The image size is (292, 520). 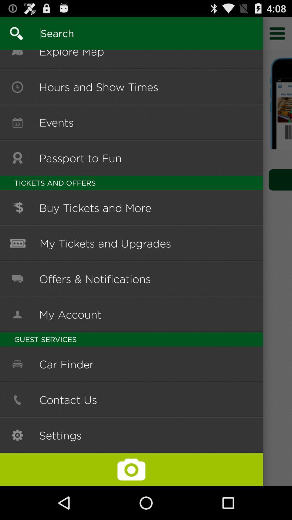 I want to click on open search option, so click(x=11, y=33).